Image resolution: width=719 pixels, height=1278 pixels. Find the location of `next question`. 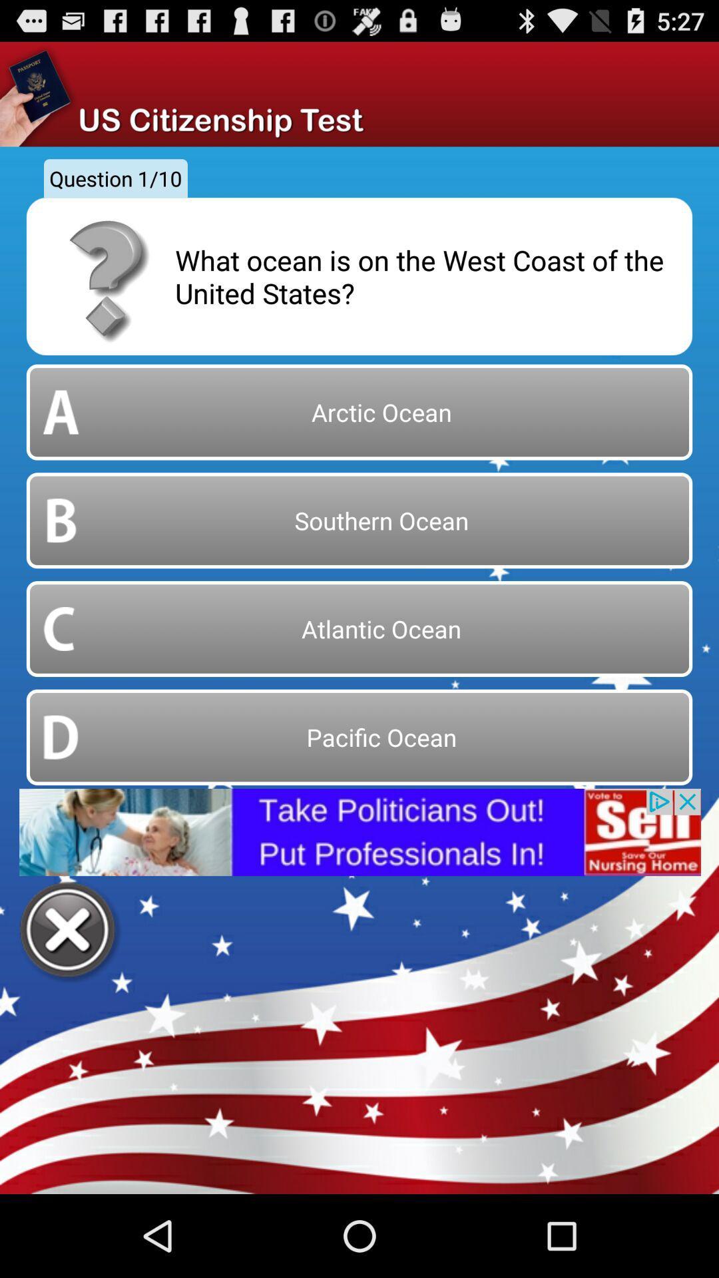

next question is located at coordinates (69, 931).